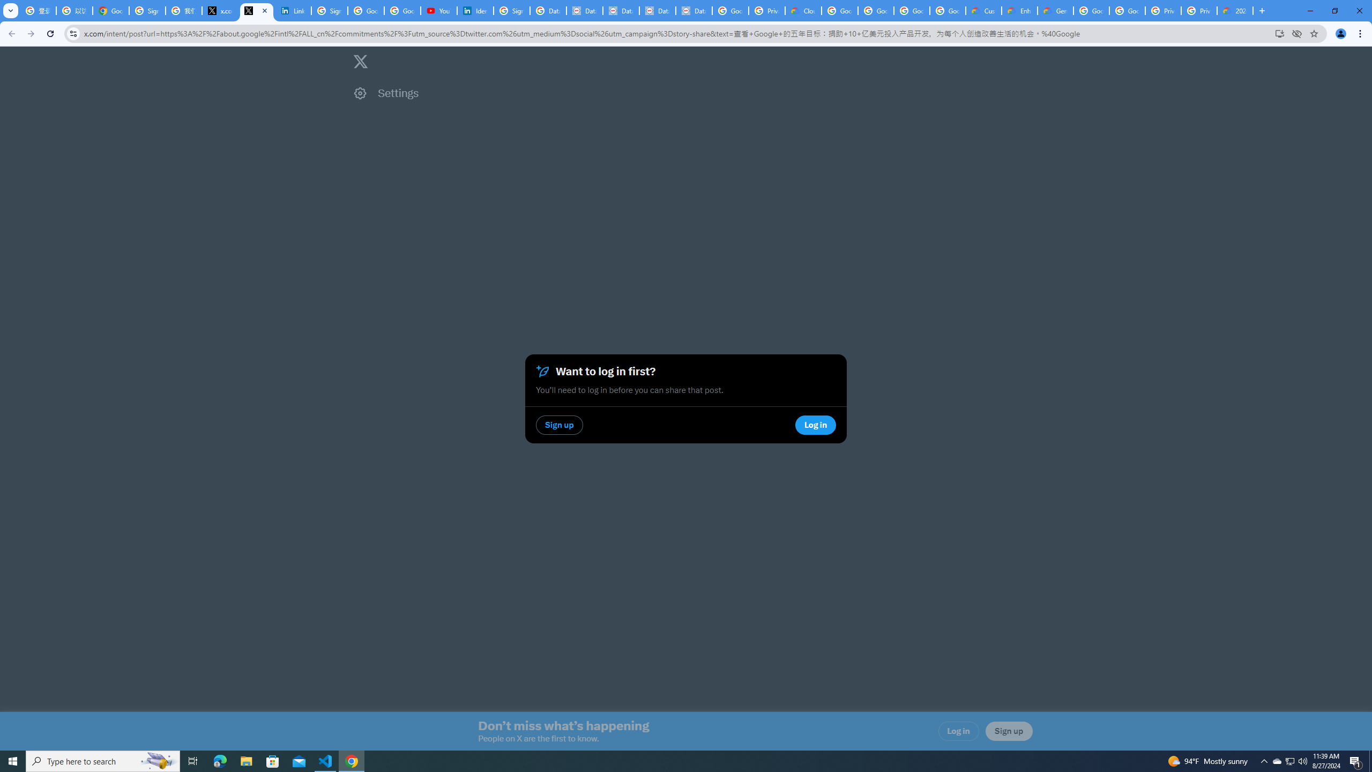 Image resolution: width=1372 pixels, height=772 pixels. Describe the element at coordinates (1055, 10) in the screenshot. I see `'Gemini for Business and Developers | Google Cloud'` at that location.